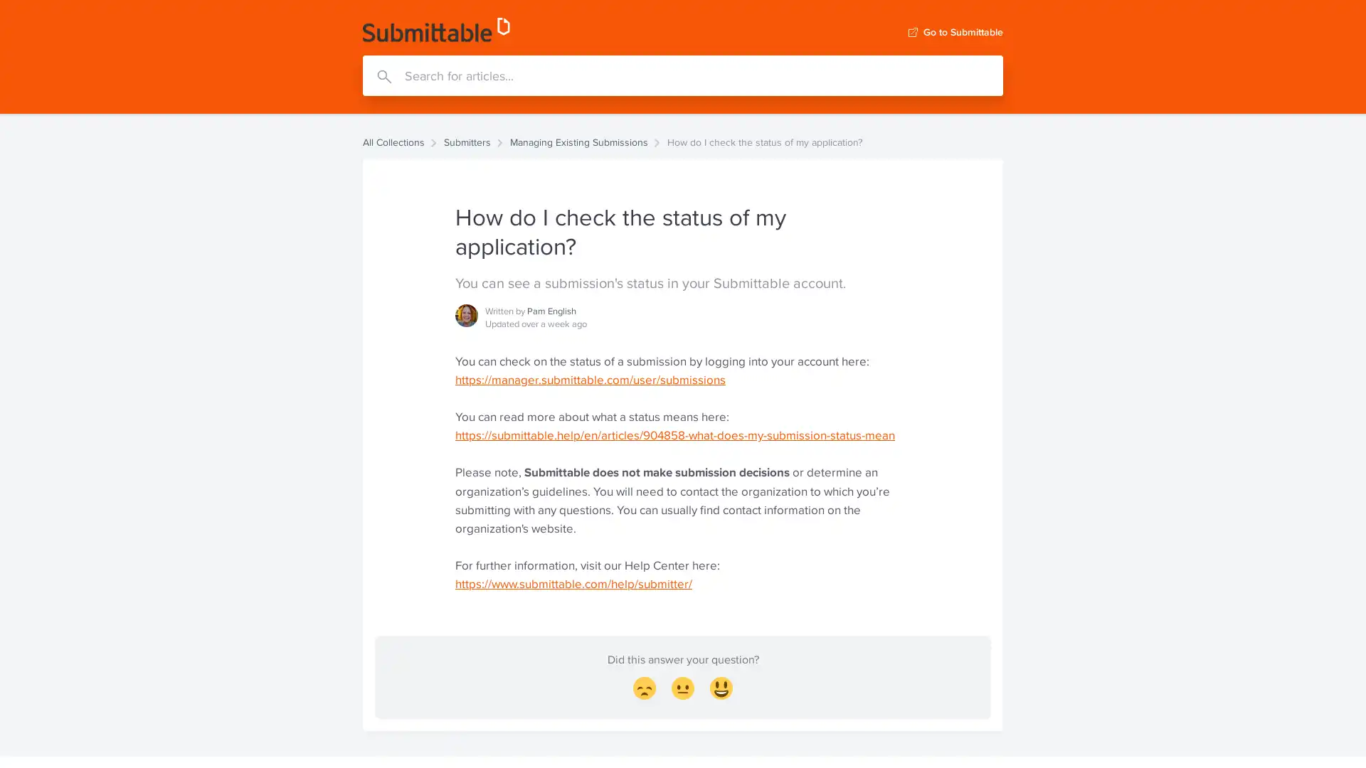 The width and height of the screenshot is (1366, 768). I want to click on Smiley Reaction, so click(721, 690).